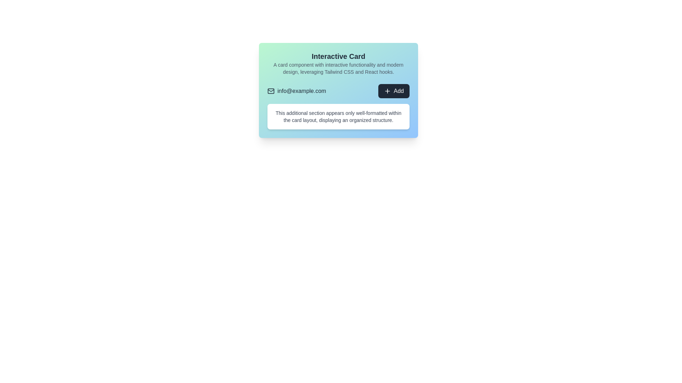 Image resolution: width=682 pixels, height=383 pixels. What do you see at coordinates (338, 68) in the screenshot?
I see `the text 'A card component with interactive functionality and modern design, leveraging Tailwind CSS and React hooks.' located beneath the title 'Interactive Card' within the card component` at bounding box center [338, 68].